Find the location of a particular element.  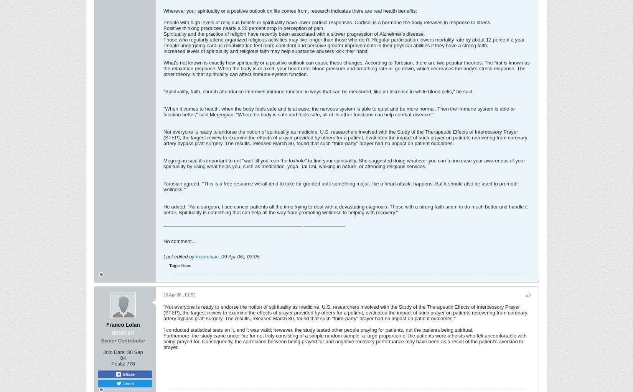

'Posts:' is located at coordinates (118, 363).